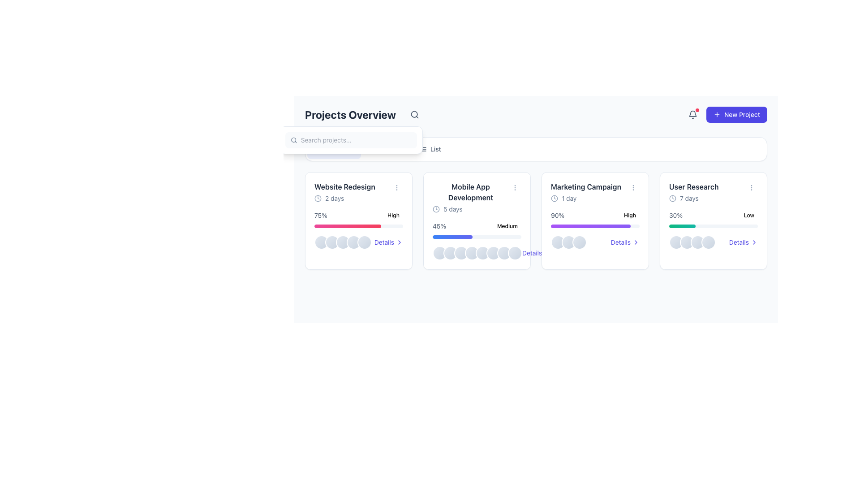  What do you see at coordinates (624, 242) in the screenshot?
I see `the 'Details' text link with an accompanying icon located at the bottom-right corner of the 'Marketing Campaign' card` at bounding box center [624, 242].